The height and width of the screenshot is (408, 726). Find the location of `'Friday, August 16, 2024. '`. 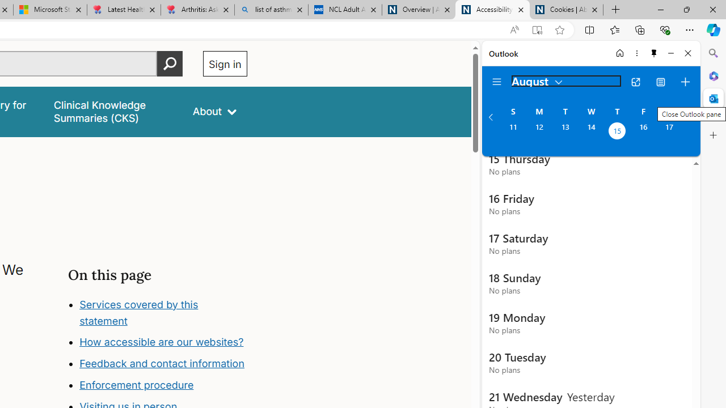

'Friday, August 16, 2024. ' is located at coordinates (643, 131).